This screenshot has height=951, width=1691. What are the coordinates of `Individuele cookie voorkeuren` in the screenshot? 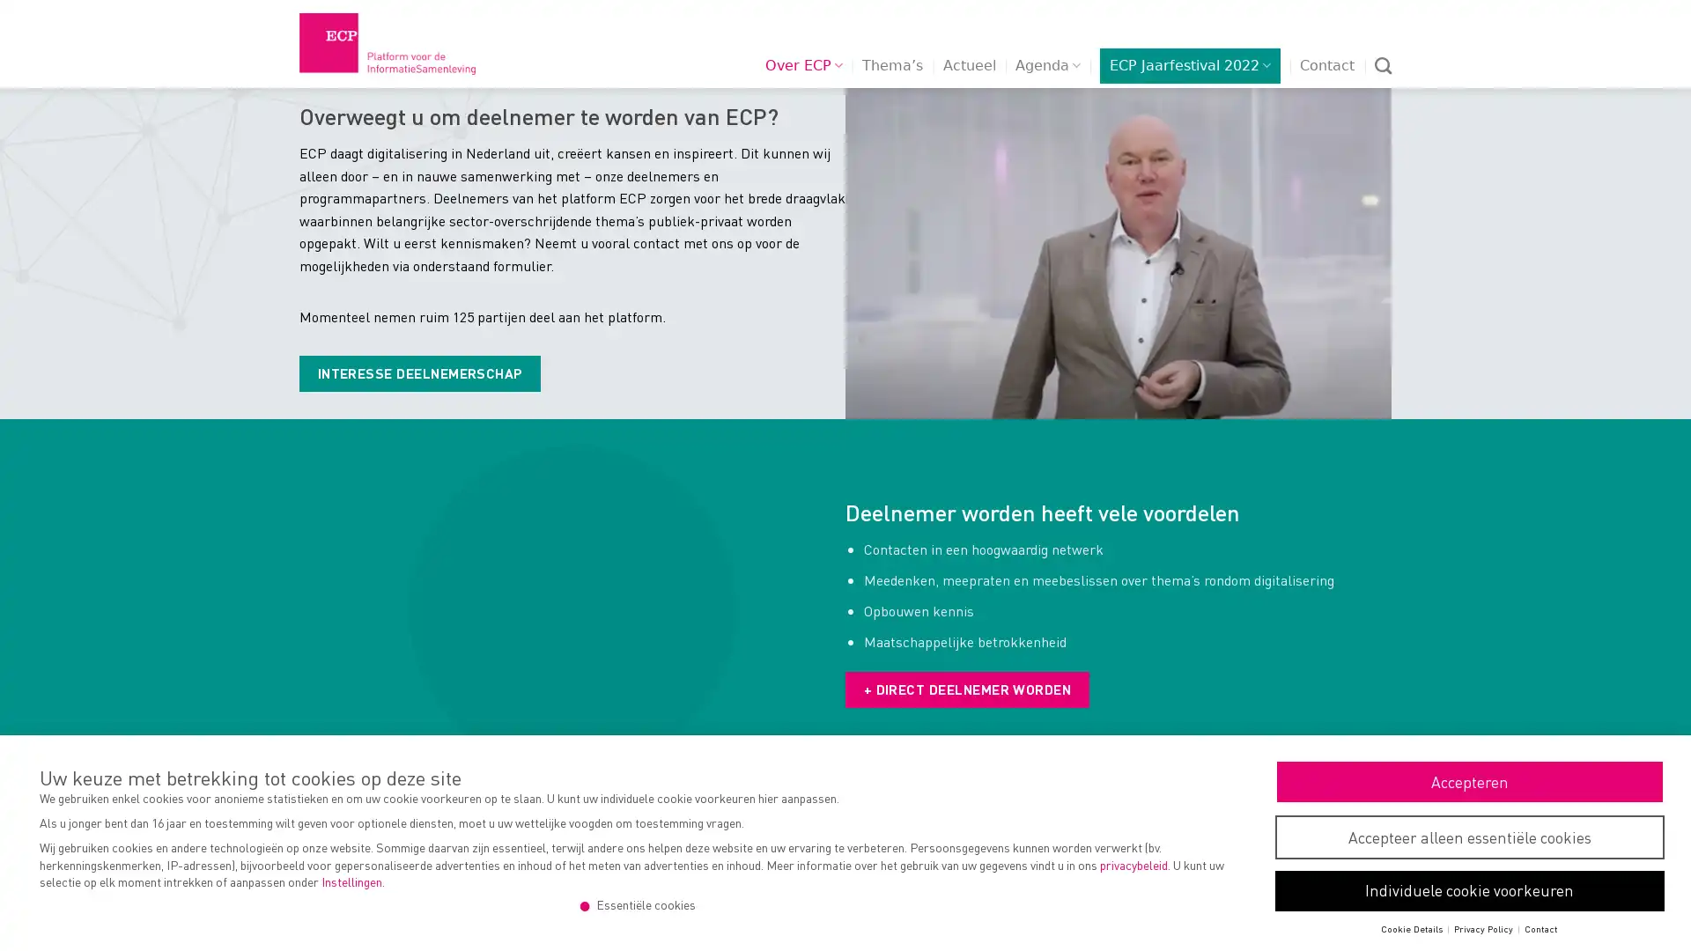 It's located at (1469, 890).